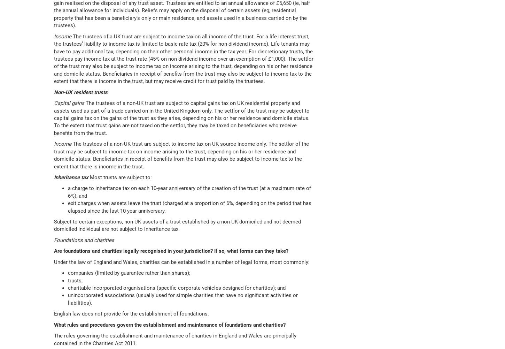  Describe the element at coordinates (183, 298) in the screenshot. I see `'unincorporated associations (usually used for simple charities that have no significant activities or liabilities).'` at that location.